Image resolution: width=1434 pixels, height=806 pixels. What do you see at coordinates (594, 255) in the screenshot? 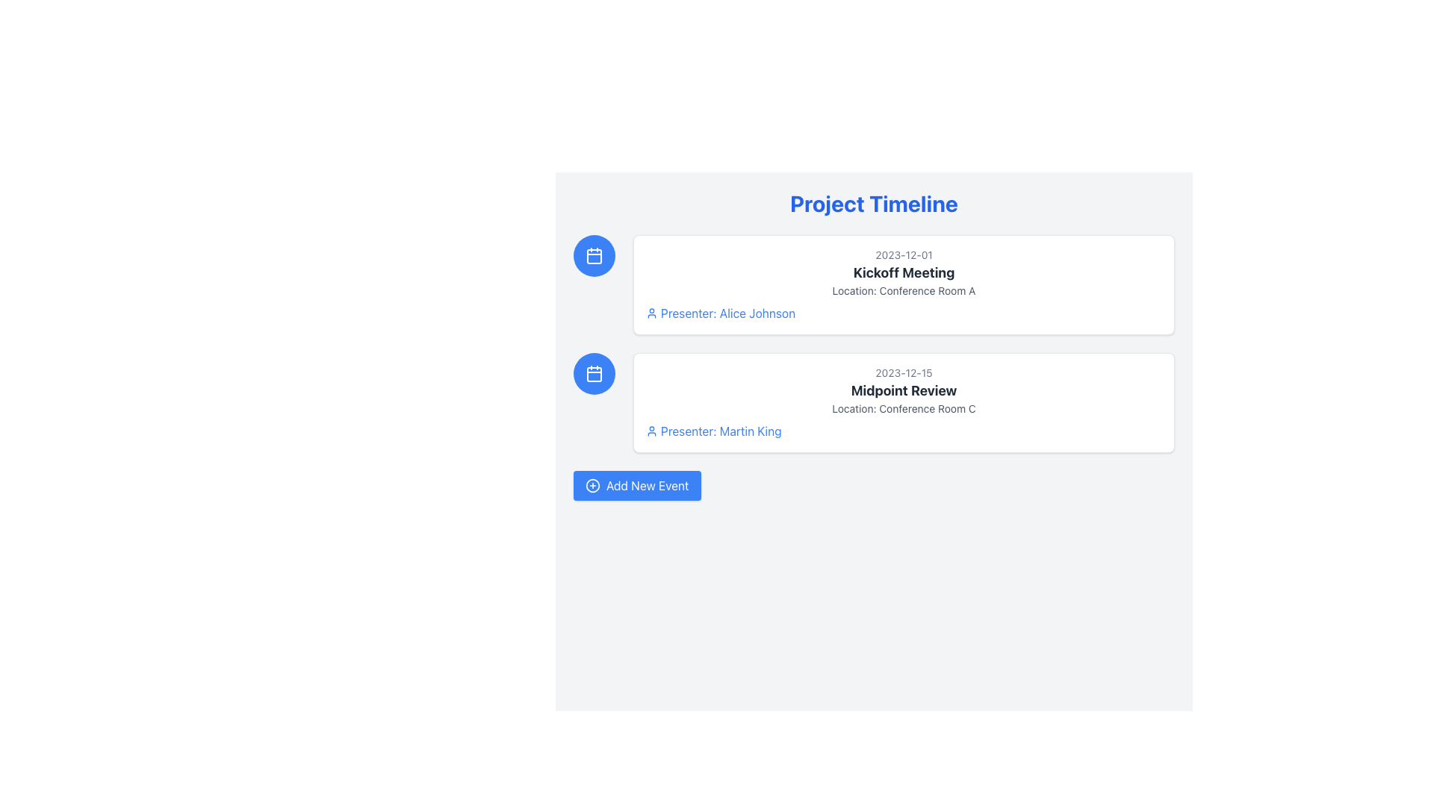
I see `the circular icon with a blue background and white calendar symbol located on the left side of the first event block` at bounding box center [594, 255].